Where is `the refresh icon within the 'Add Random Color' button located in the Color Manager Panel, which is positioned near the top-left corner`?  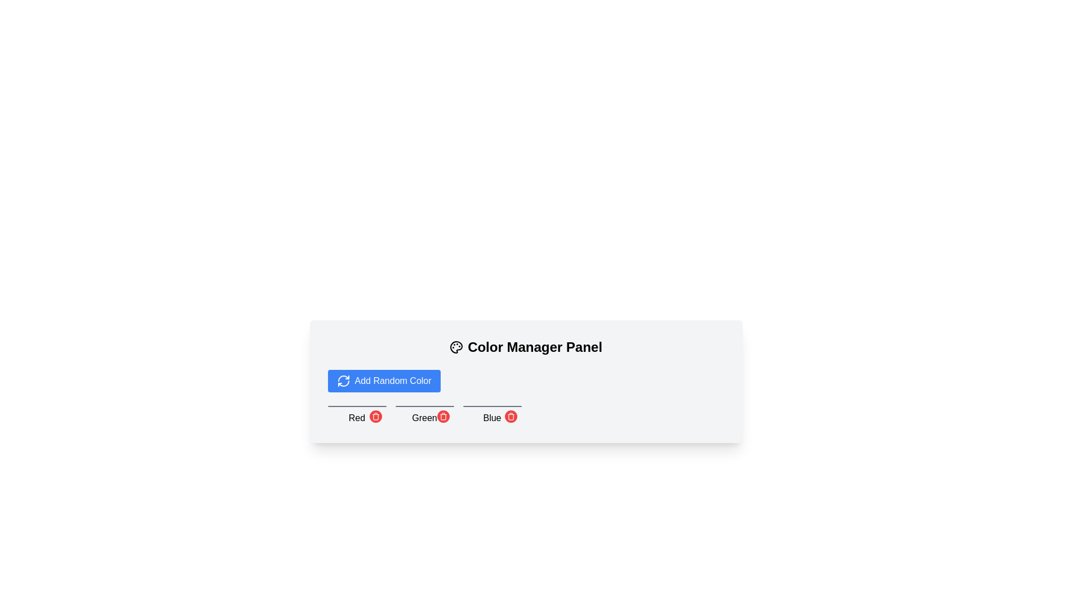 the refresh icon within the 'Add Random Color' button located in the Color Manager Panel, which is positioned near the top-left corner is located at coordinates (343, 381).